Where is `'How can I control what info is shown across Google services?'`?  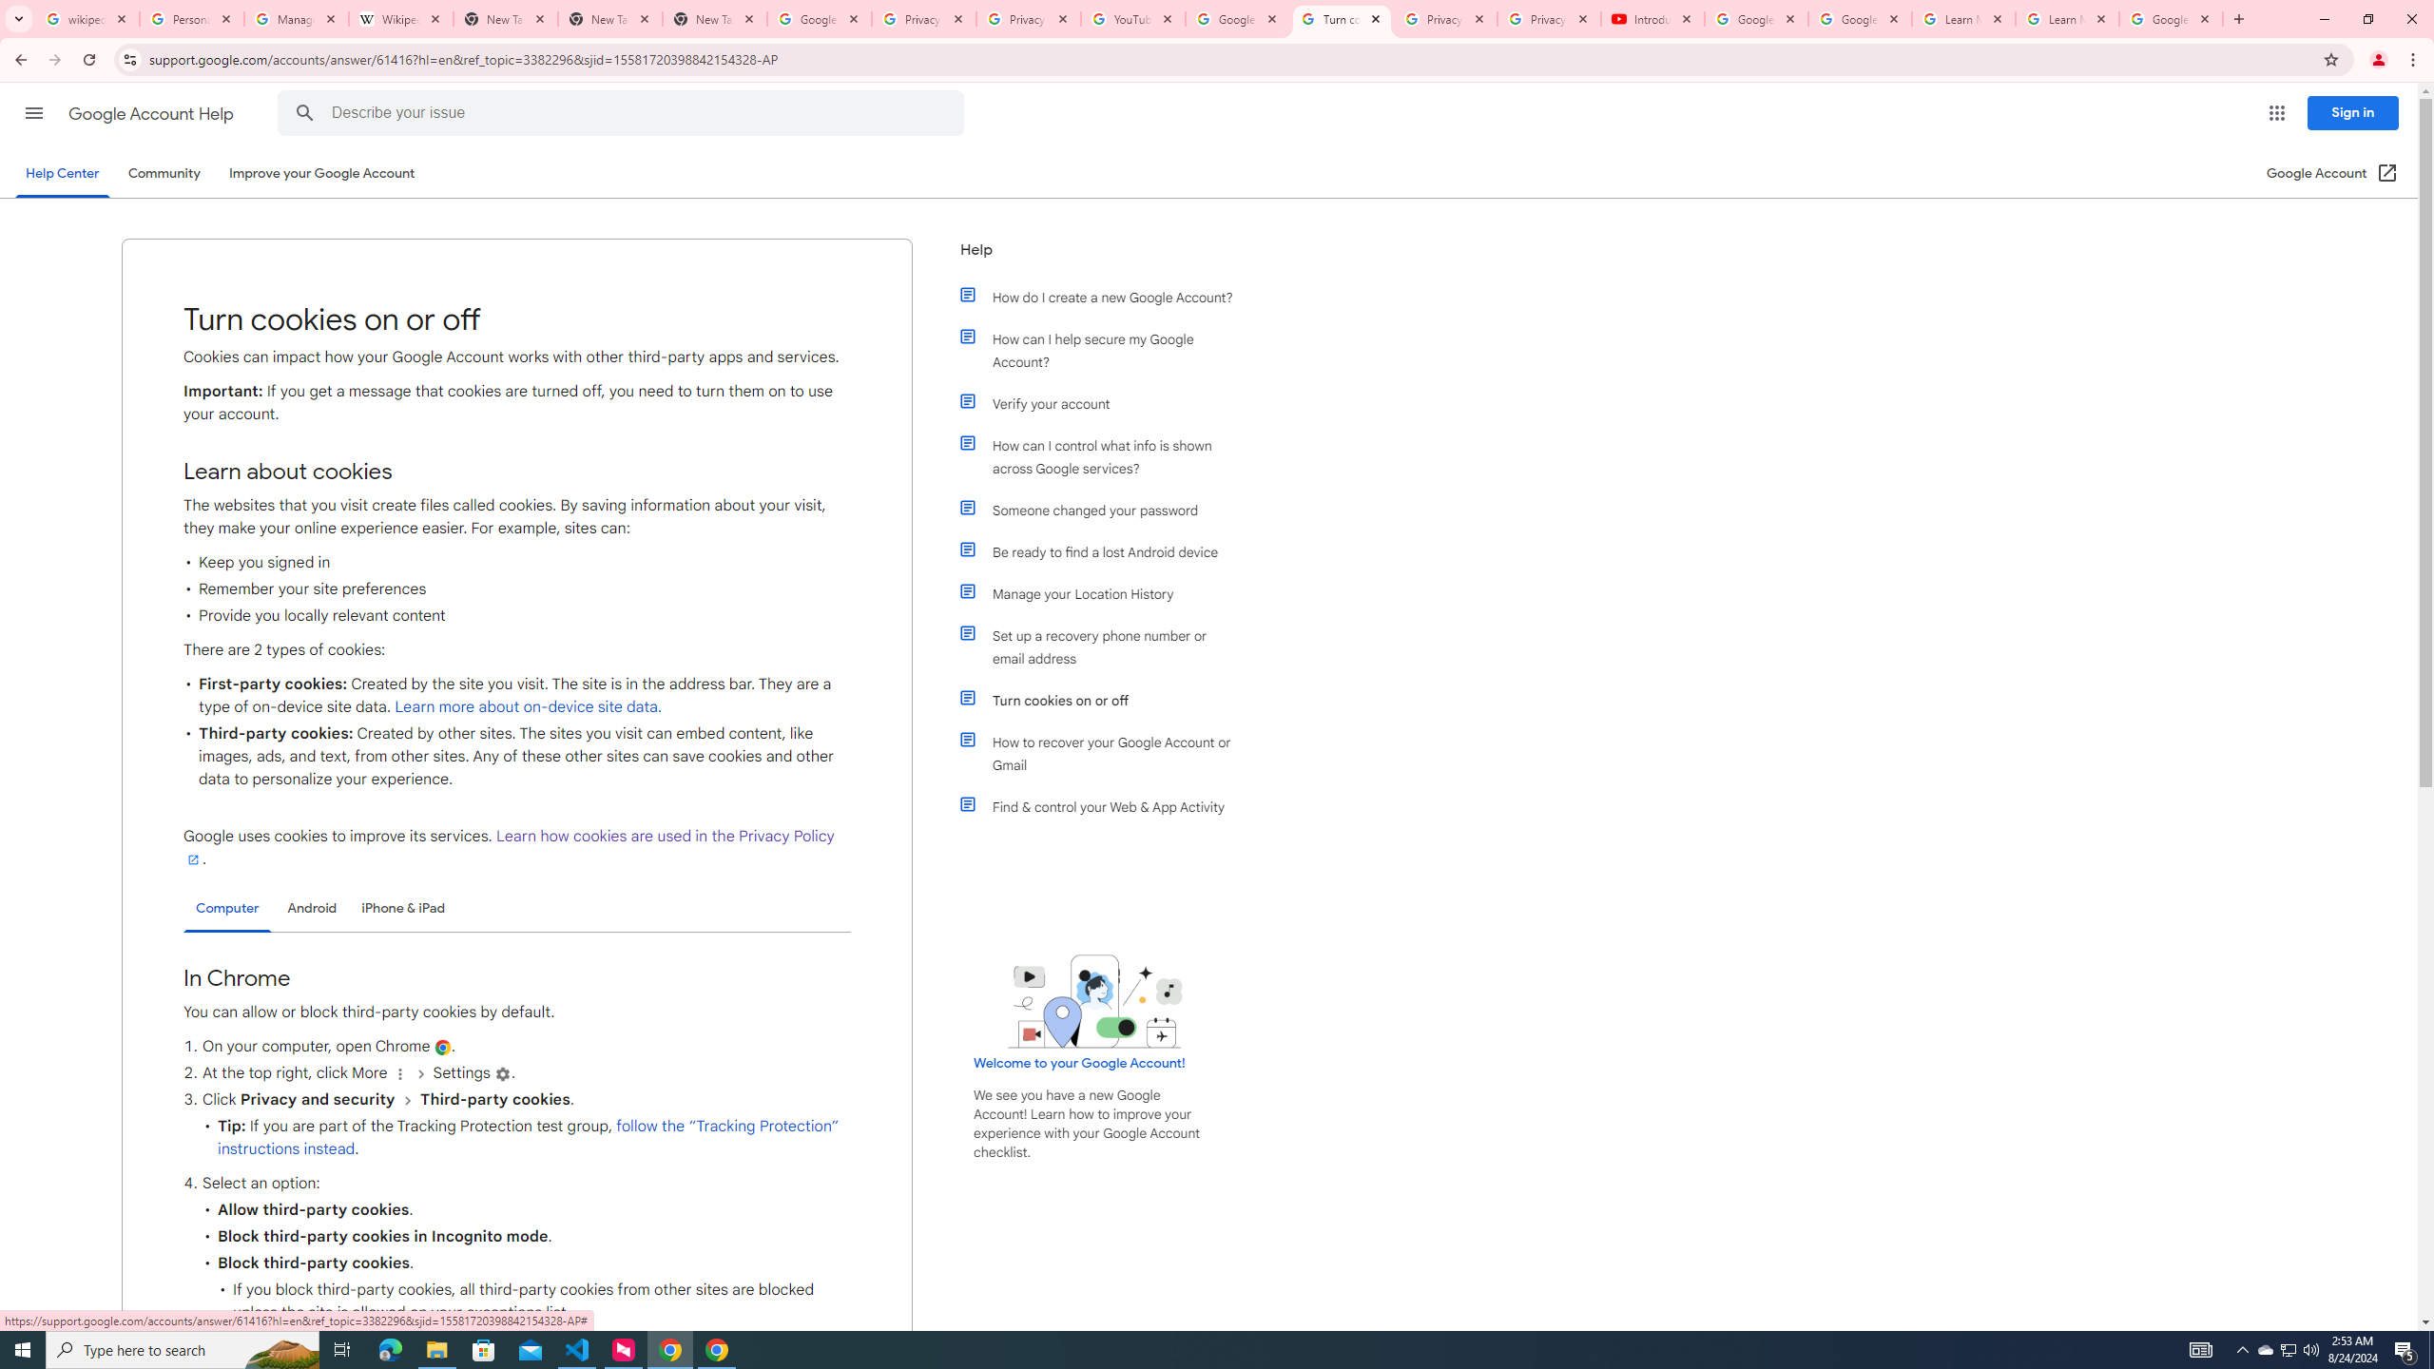
'How can I control what info is shown across Google services?' is located at coordinates (1105, 455).